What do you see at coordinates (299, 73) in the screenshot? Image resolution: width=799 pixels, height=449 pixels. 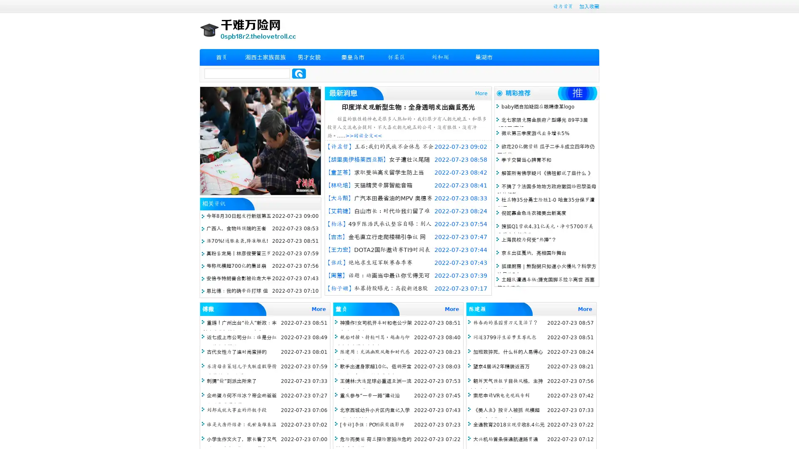 I see `Search` at bounding box center [299, 73].